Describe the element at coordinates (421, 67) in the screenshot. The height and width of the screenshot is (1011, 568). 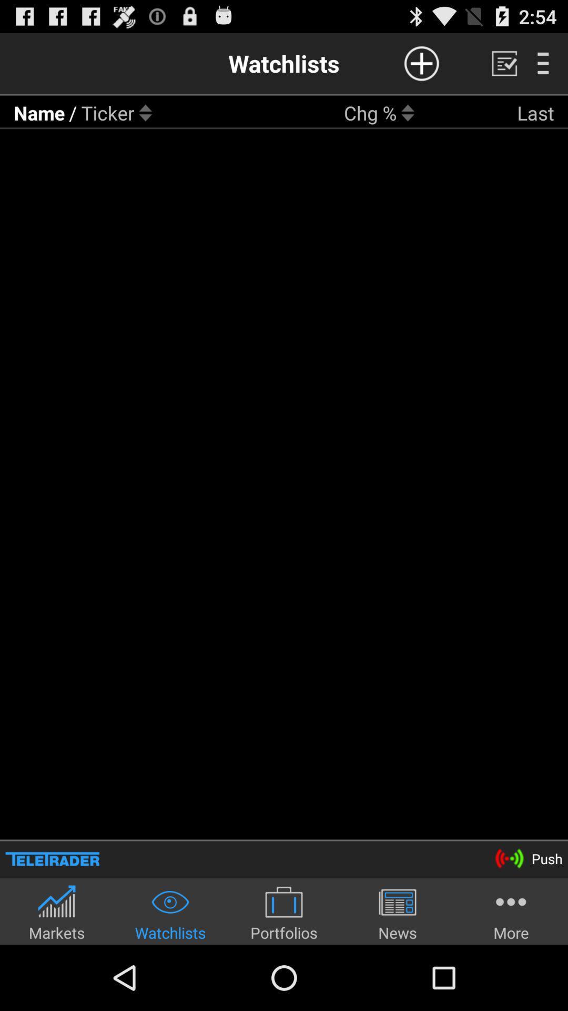
I see `the add icon` at that location.